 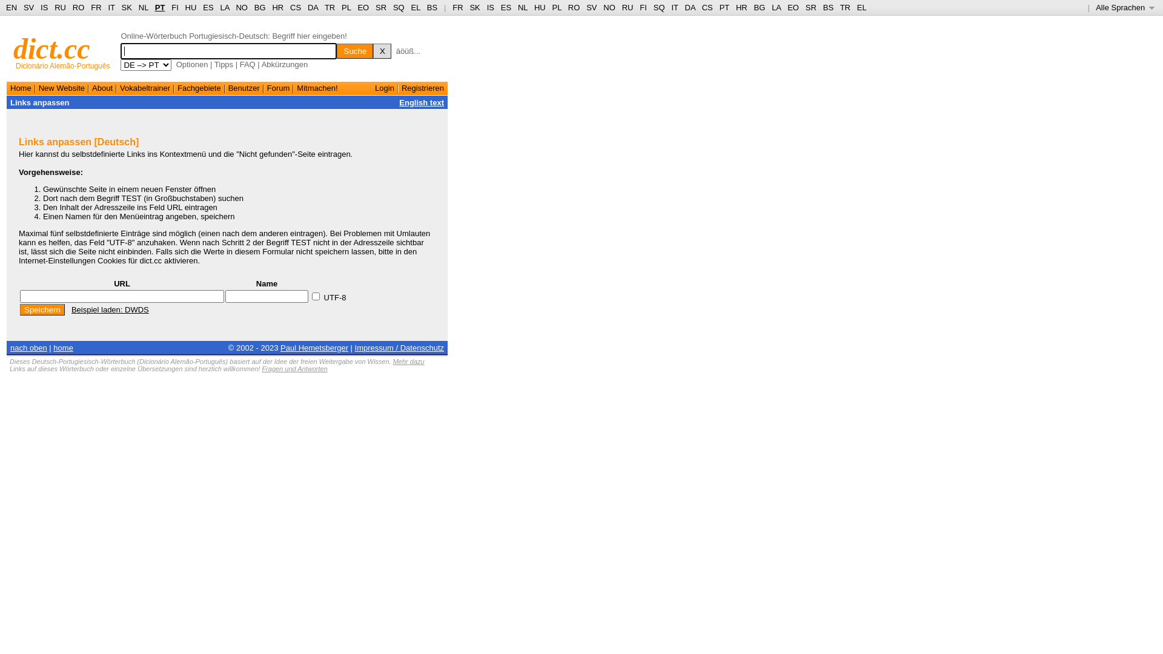 I want to click on 'TR', so click(x=330, y=7).